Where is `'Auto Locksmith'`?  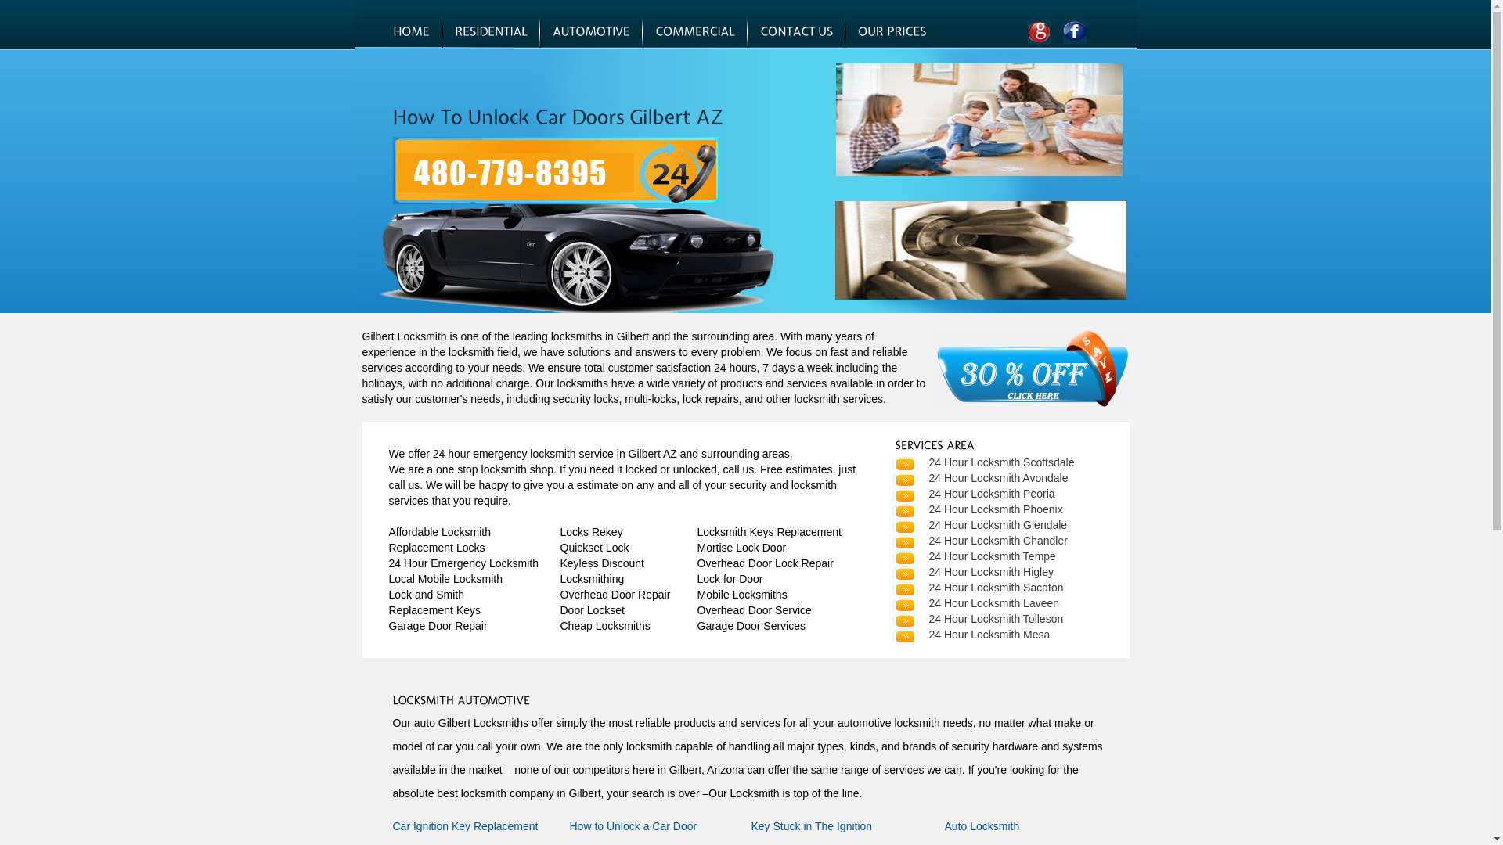
'Auto Locksmith' is located at coordinates (980, 825).